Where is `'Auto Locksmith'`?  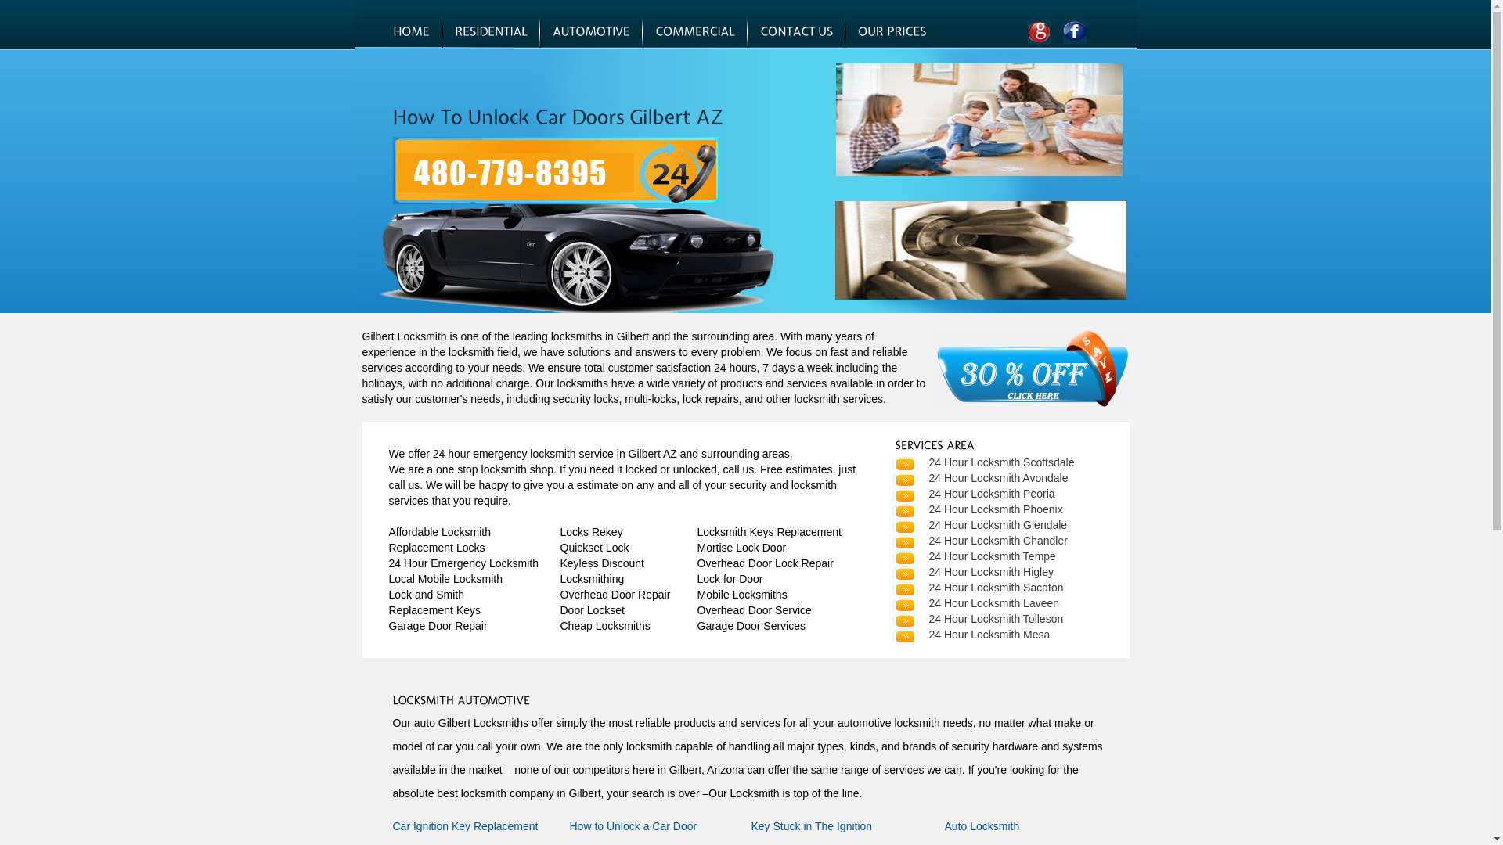
'Auto Locksmith' is located at coordinates (980, 825).